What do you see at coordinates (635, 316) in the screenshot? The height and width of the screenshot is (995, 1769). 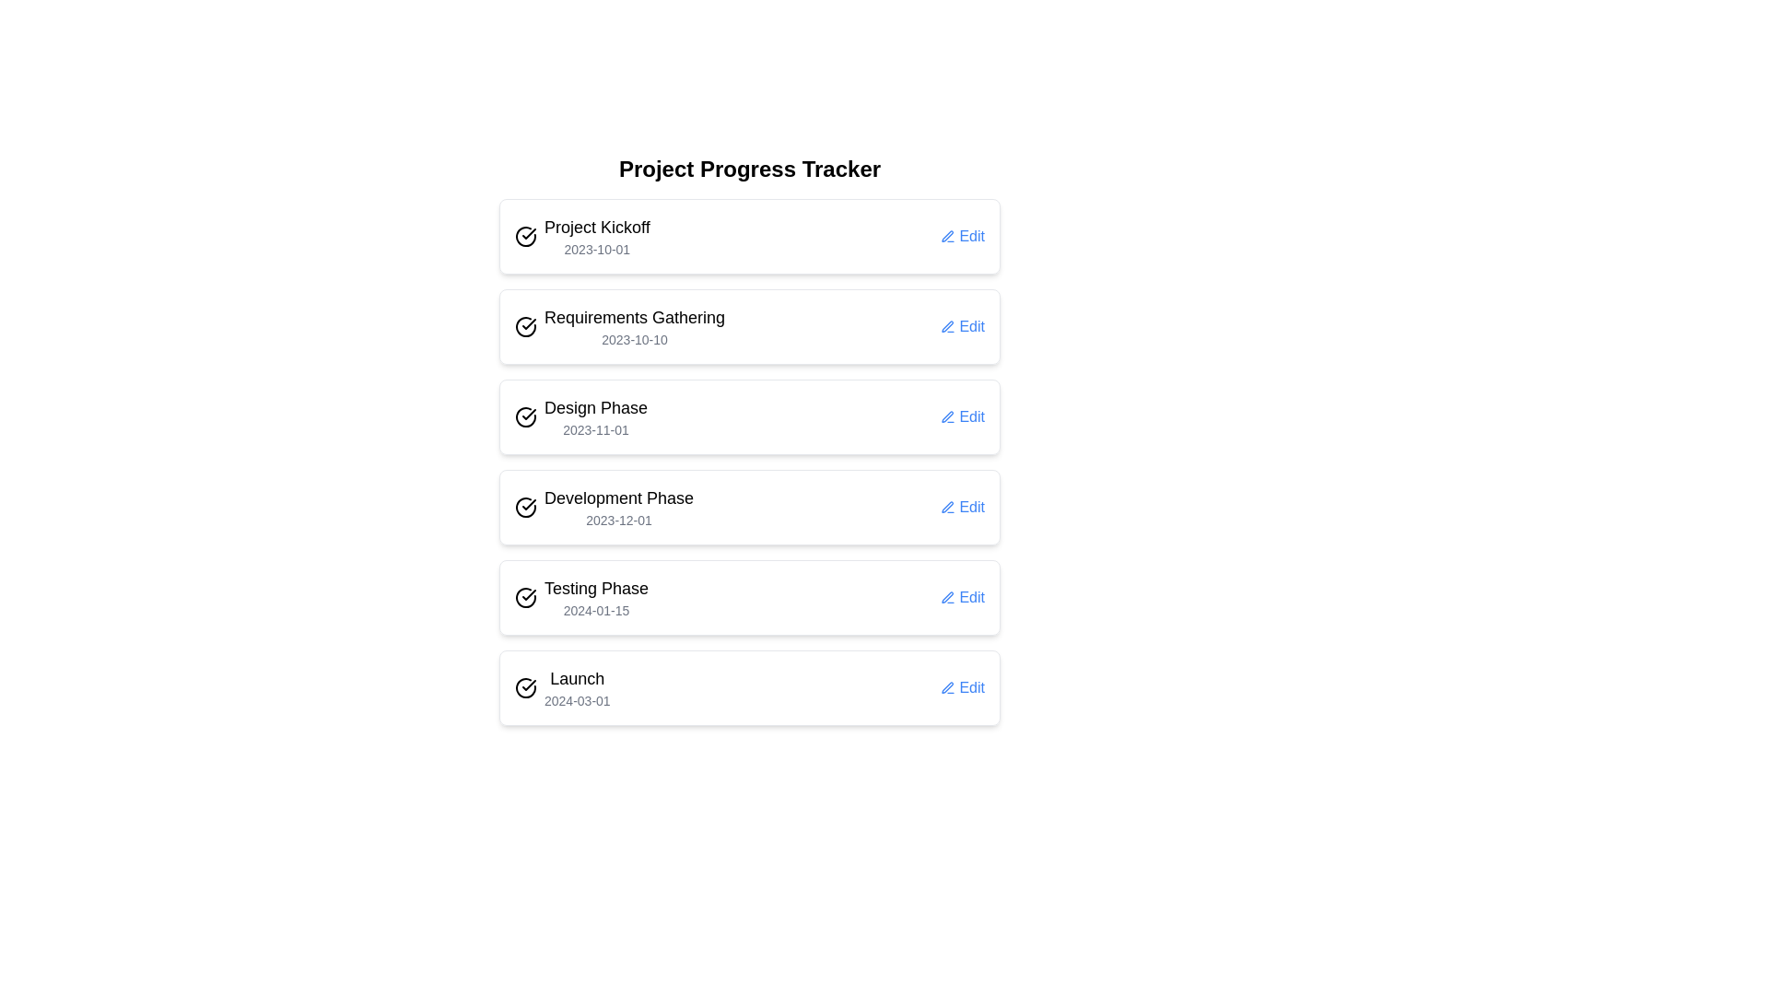 I see `the informational text label indicating the 'Requirements Gathering' phase in the Project Progress Tracker, located above the date indicator '2023-10-10'` at bounding box center [635, 316].